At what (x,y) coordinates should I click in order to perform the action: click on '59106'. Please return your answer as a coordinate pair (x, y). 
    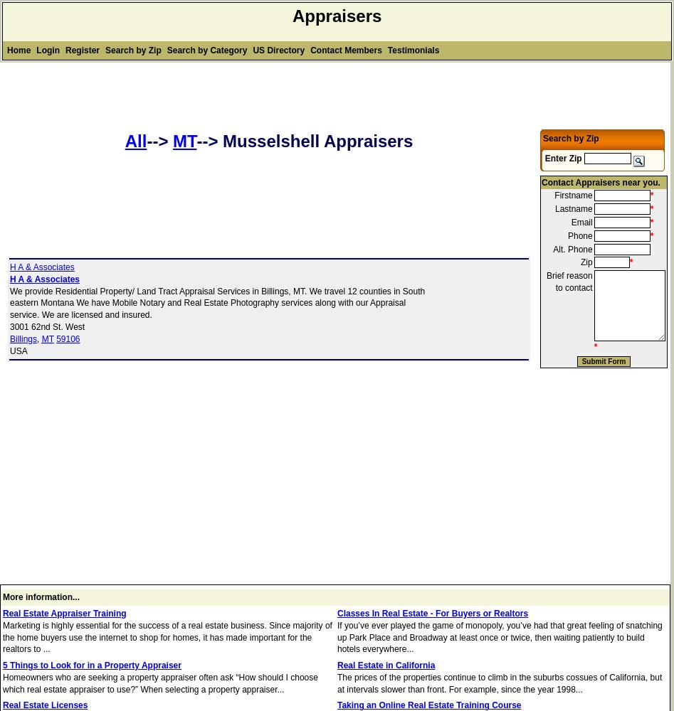
    Looking at the image, I should click on (68, 338).